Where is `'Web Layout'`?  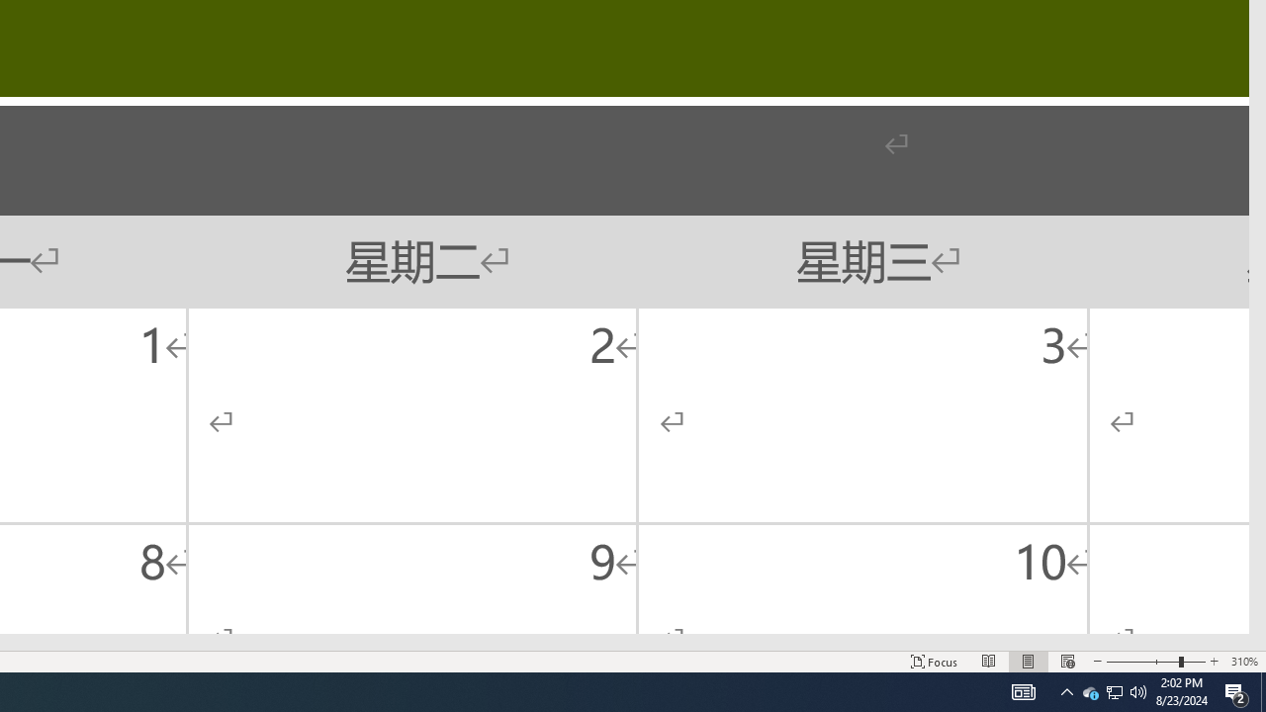
'Web Layout' is located at coordinates (1066, 662).